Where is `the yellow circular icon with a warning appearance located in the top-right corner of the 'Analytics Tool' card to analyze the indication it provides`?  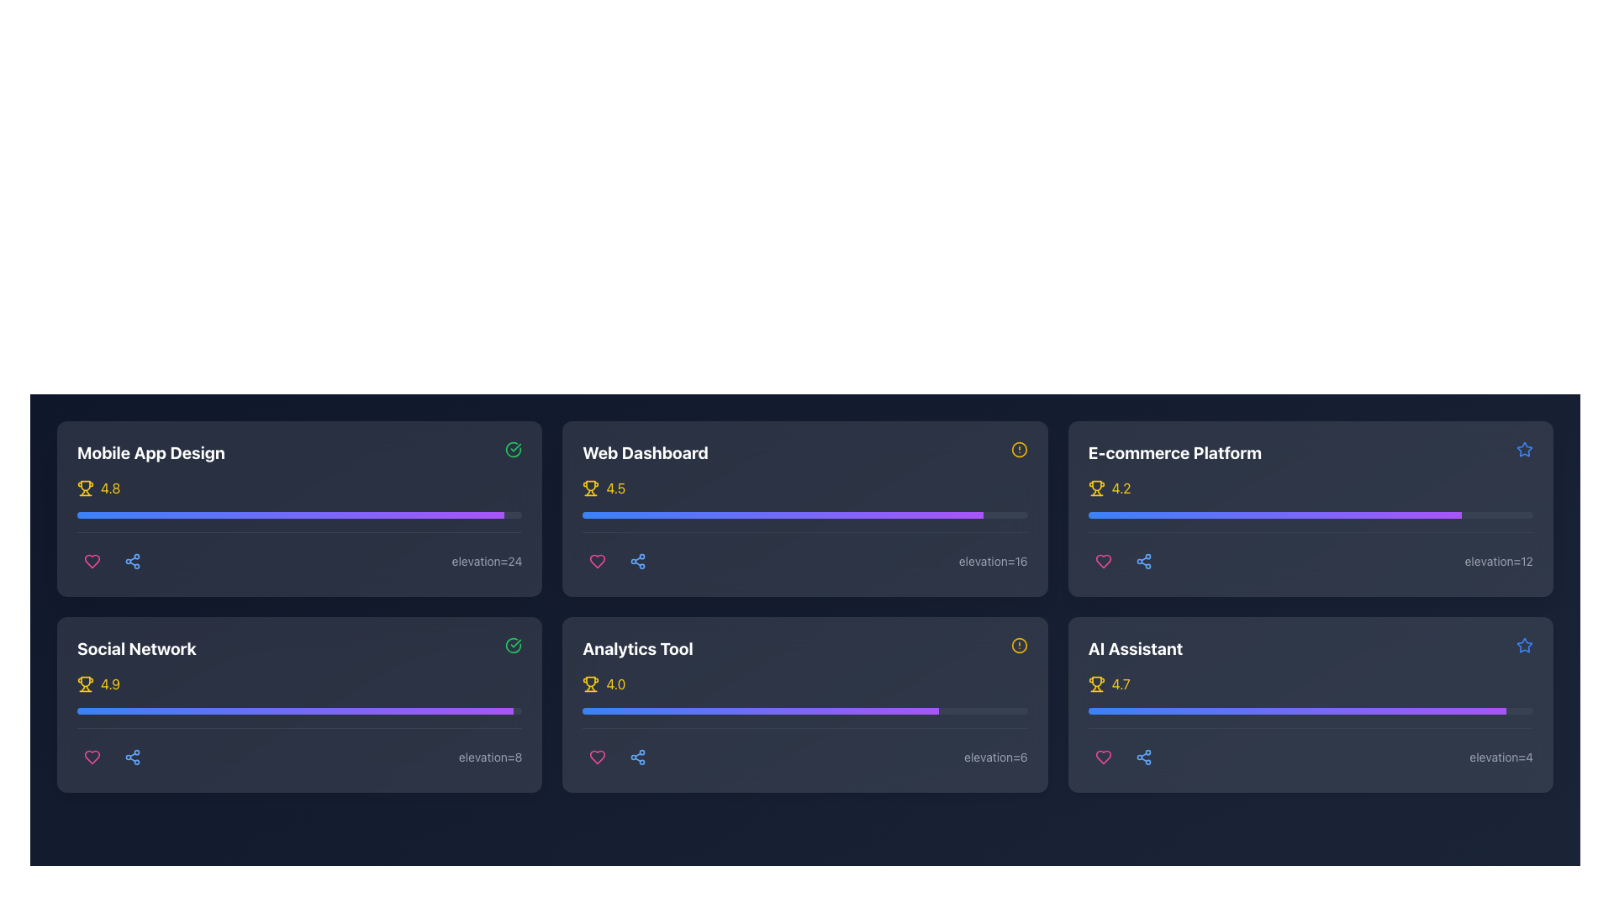 the yellow circular icon with a warning appearance located in the top-right corner of the 'Analytics Tool' card to analyze the indication it provides is located at coordinates (1018, 644).